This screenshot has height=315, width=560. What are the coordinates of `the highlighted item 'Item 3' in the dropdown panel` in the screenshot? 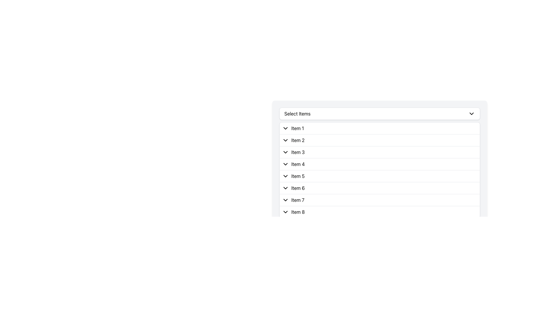 It's located at (379, 155).